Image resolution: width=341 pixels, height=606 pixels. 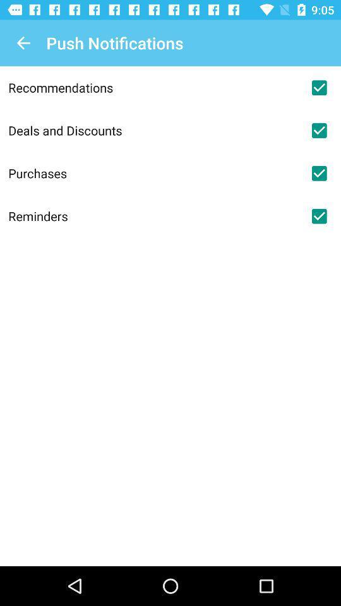 What do you see at coordinates (318, 216) in the screenshot?
I see `reminders option` at bounding box center [318, 216].